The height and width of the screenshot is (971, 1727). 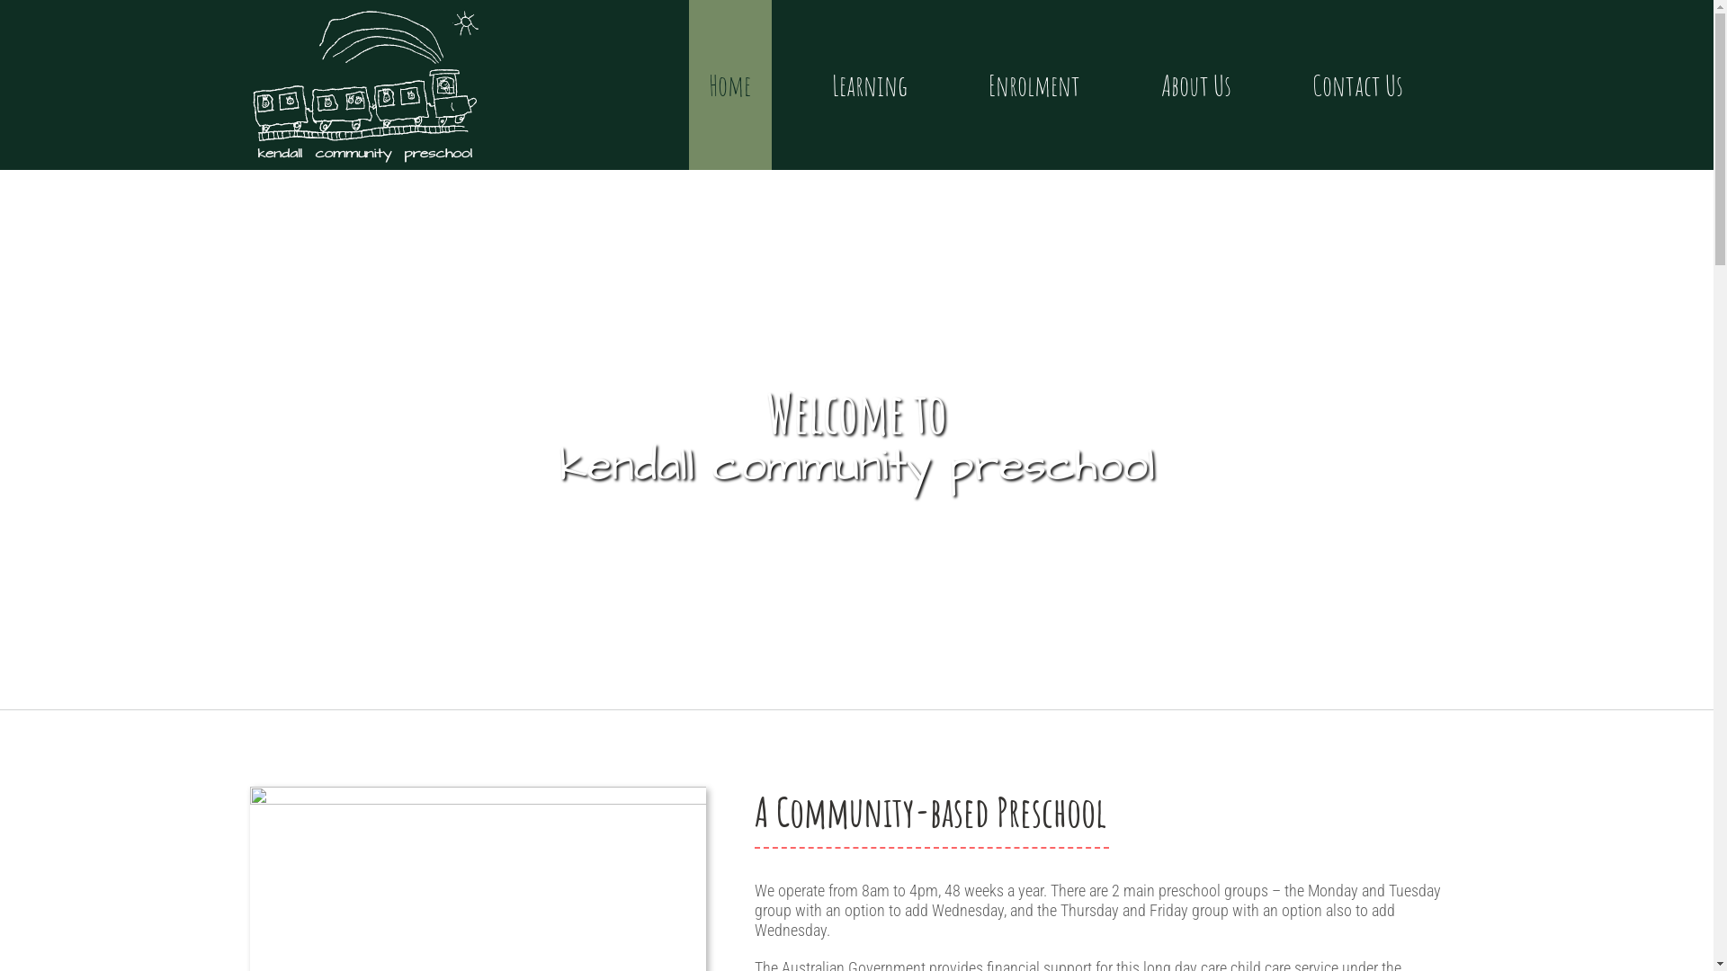 What do you see at coordinates (1195, 85) in the screenshot?
I see `'About Us'` at bounding box center [1195, 85].